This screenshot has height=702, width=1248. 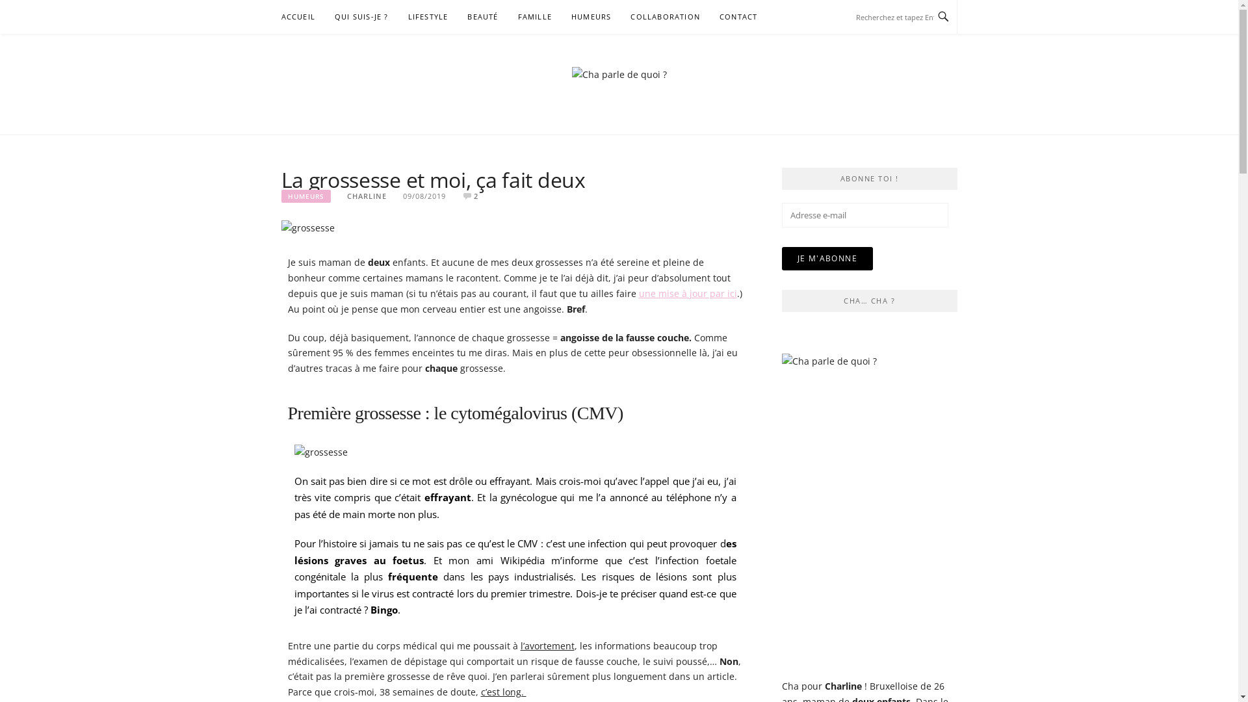 What do you see at coordinates (474, 196) in the screenshot?
I see `'2'` at bounding box center [474, 196].